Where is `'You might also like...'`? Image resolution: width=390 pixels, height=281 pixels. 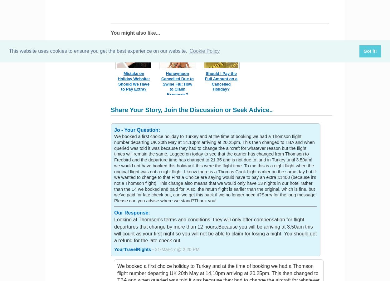
'You might also like...' is located at coordinates (135, 32).